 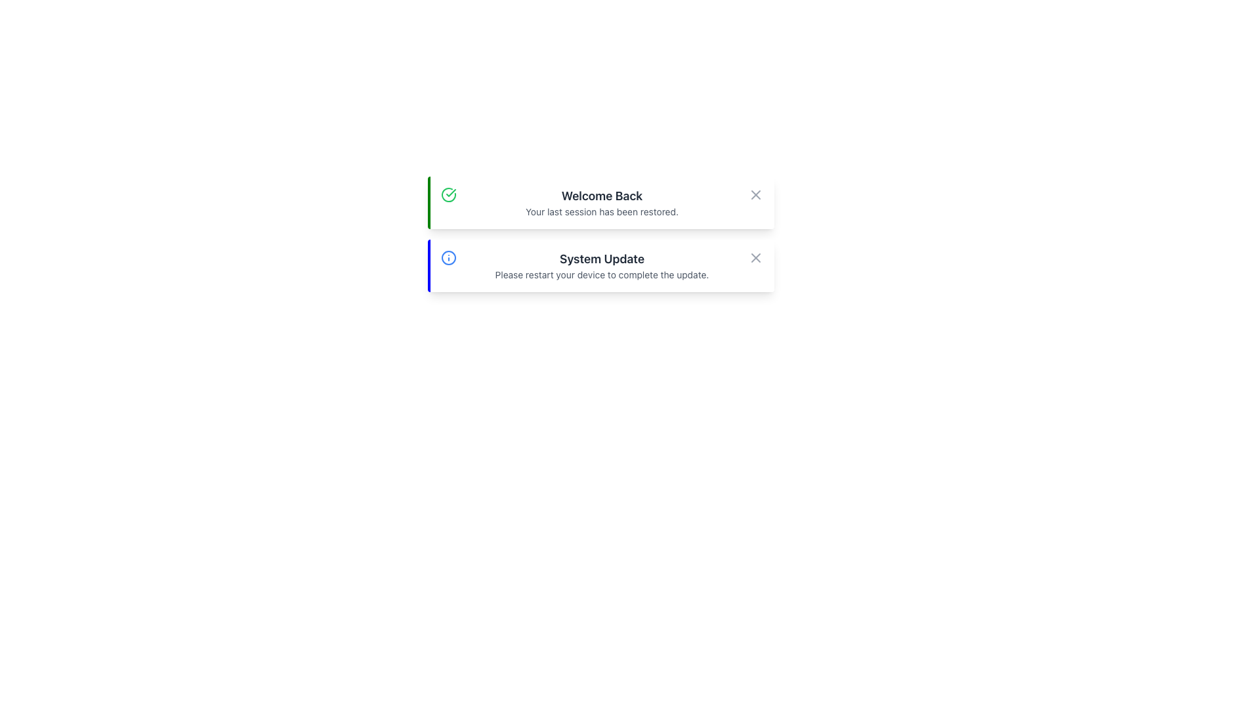 I want to click on the close button for the 'Welcome Back' notification to change its appearance, so click(x=755, y=195).